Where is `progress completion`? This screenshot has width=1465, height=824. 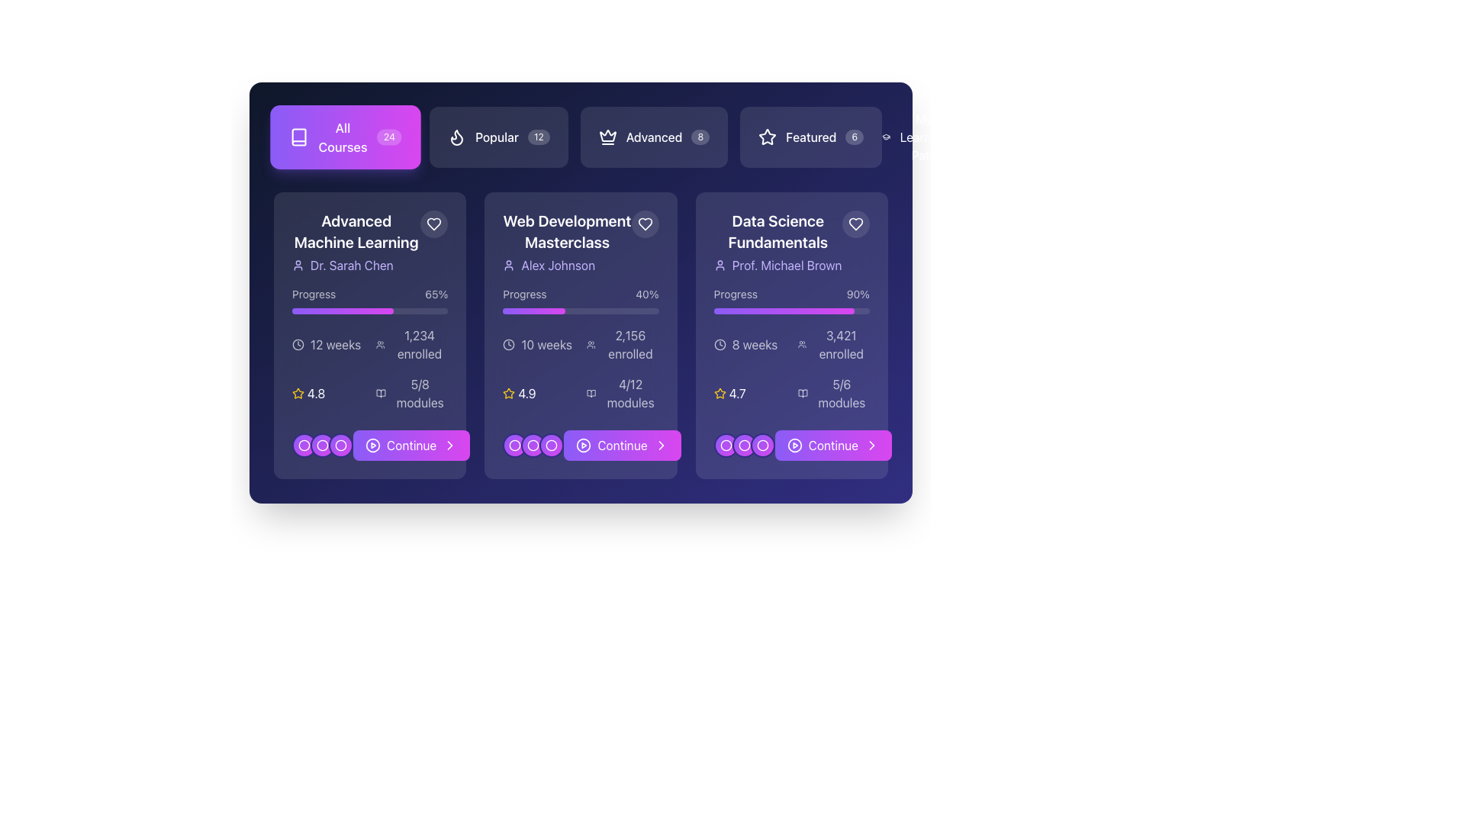 progress completion is located at coordinates (338, 311).